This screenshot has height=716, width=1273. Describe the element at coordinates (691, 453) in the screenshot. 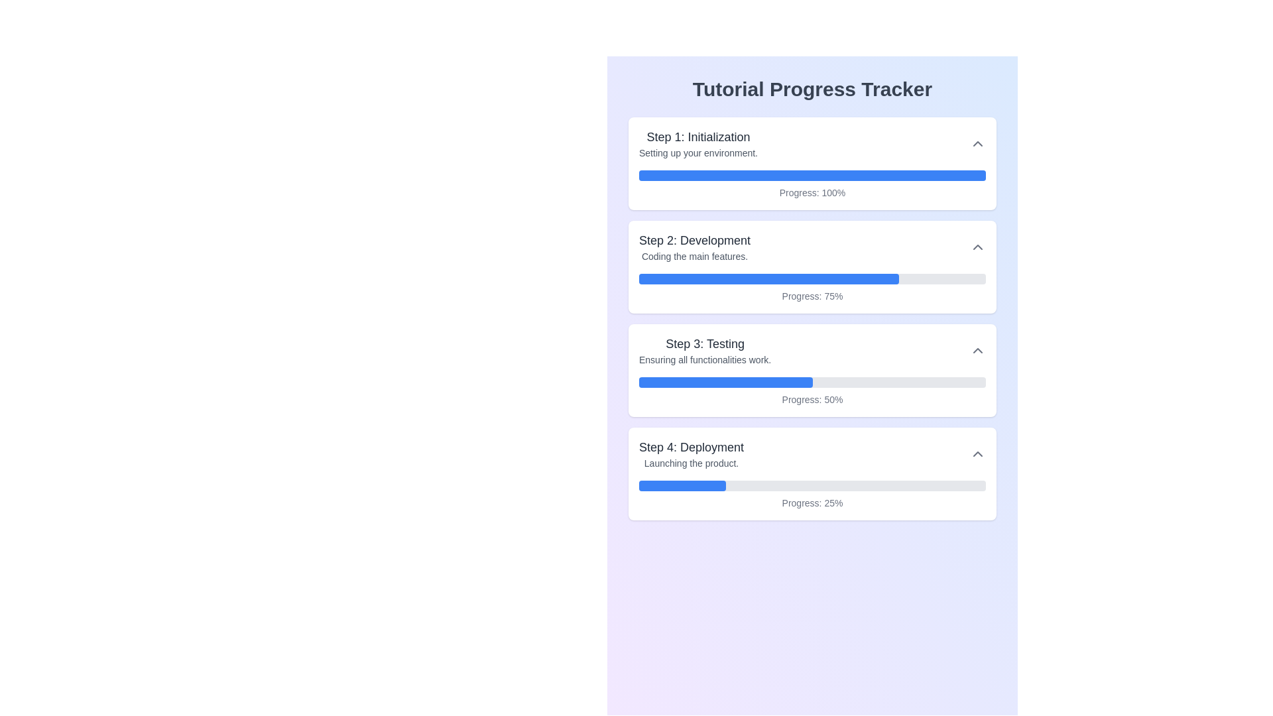

I see `the Text Block displaying 'Step 4: Deployment' which is part of the progress tracker interface located at the top-left of the fourth progress card` at that location.